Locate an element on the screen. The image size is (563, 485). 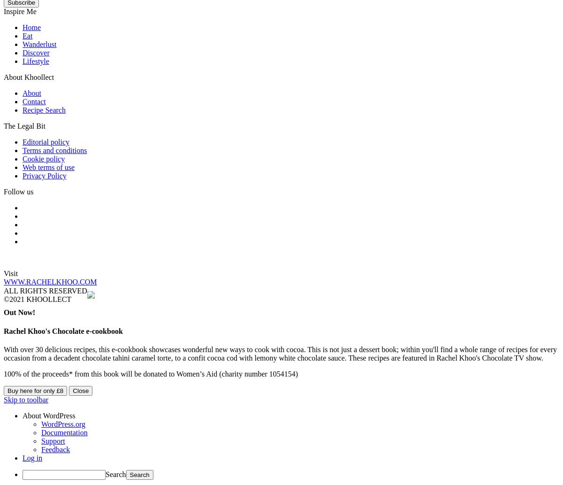
'Feedback' is located at coordinates (55, 448).